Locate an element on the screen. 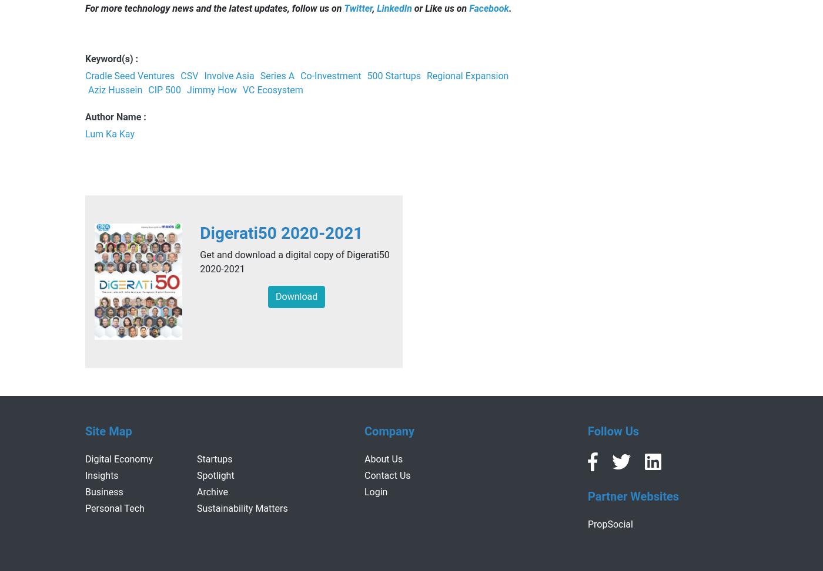 This screenshot has width=823, height=571. 'Twitter' is located at coordinates (358, 8).